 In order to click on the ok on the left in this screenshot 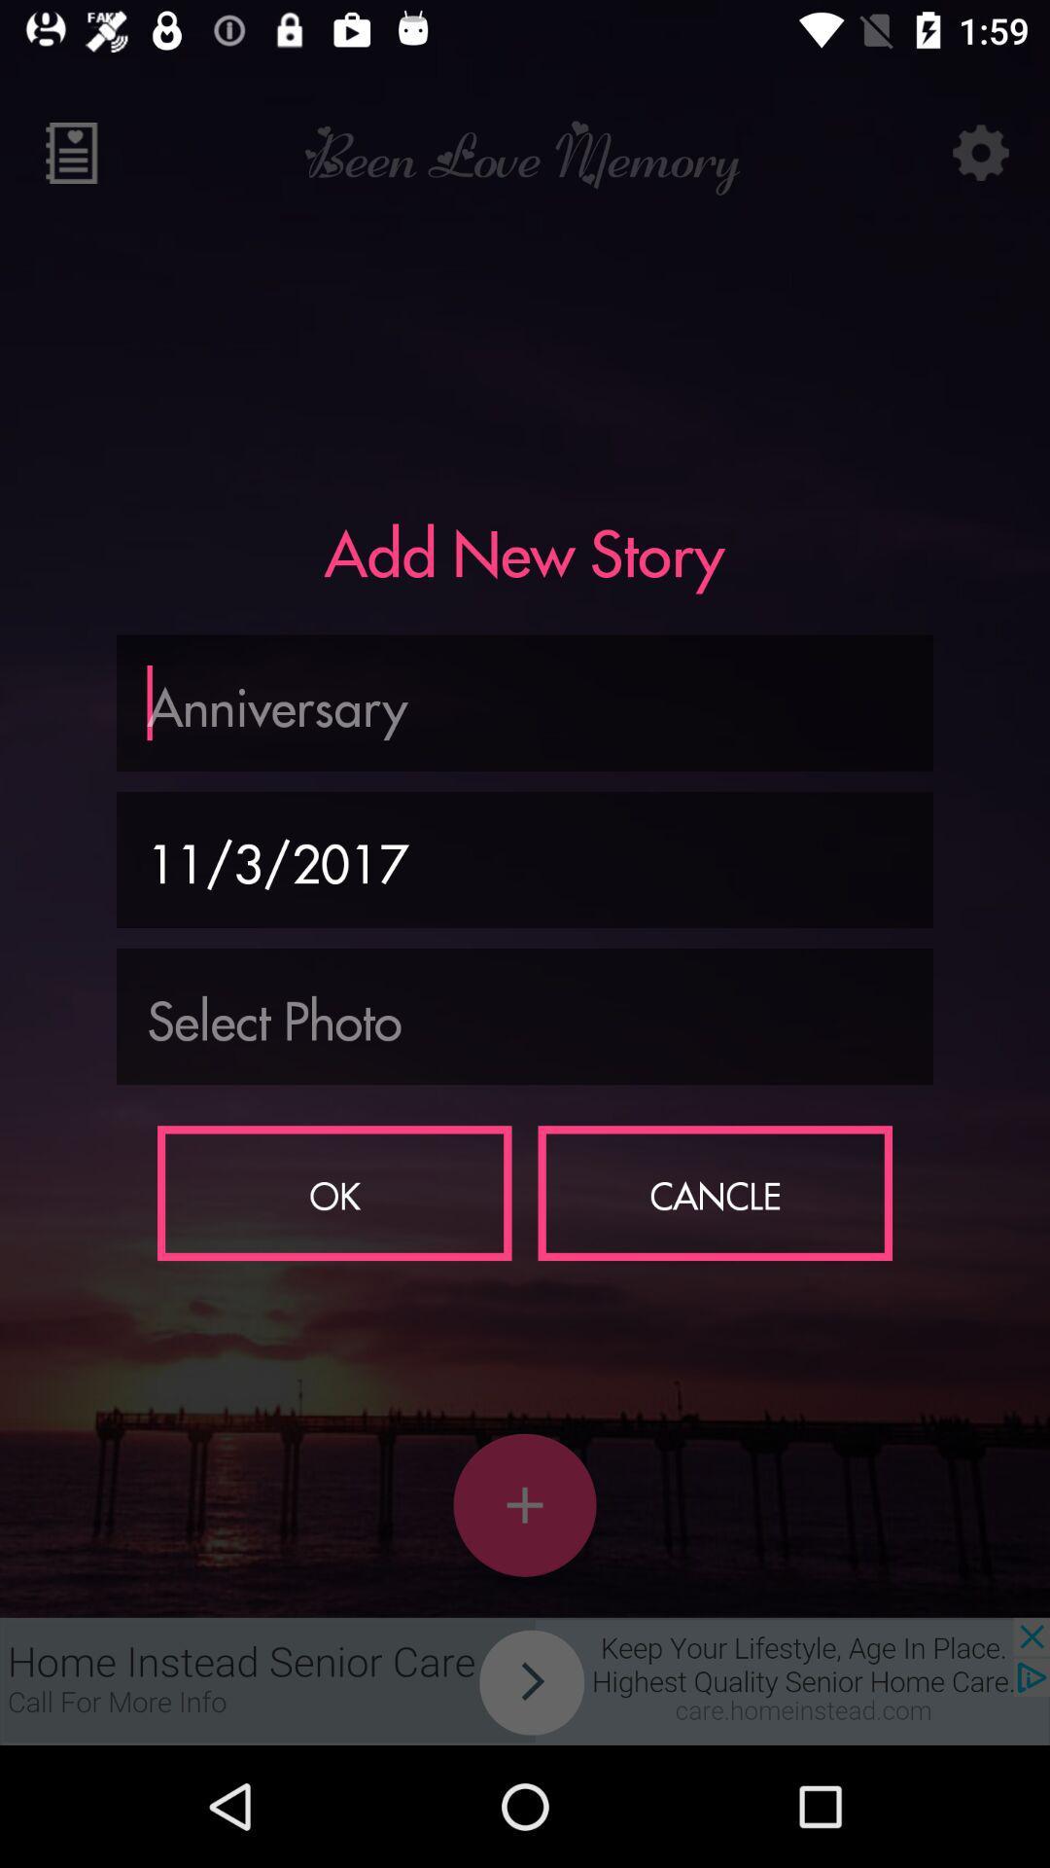, I will do `click(333, 1192)`.